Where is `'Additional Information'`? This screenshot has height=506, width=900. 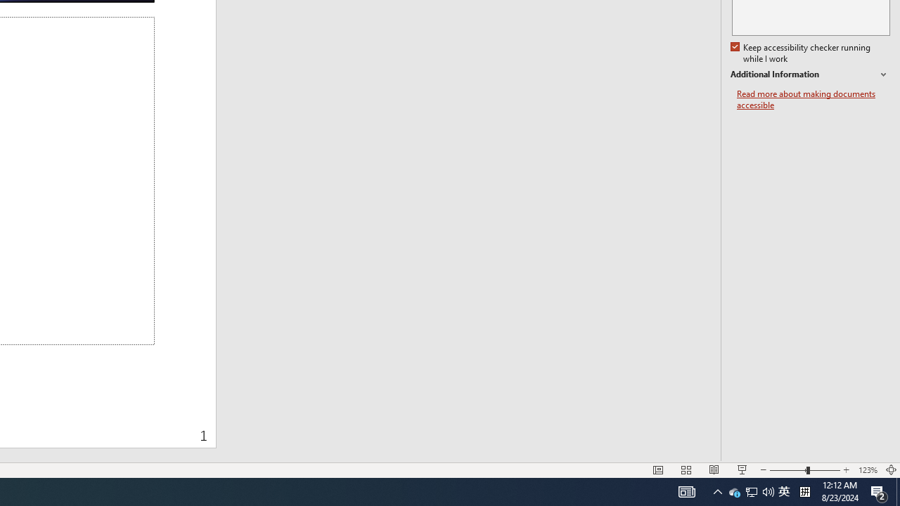 'Additional Information' is located at coordinates (810, 74).